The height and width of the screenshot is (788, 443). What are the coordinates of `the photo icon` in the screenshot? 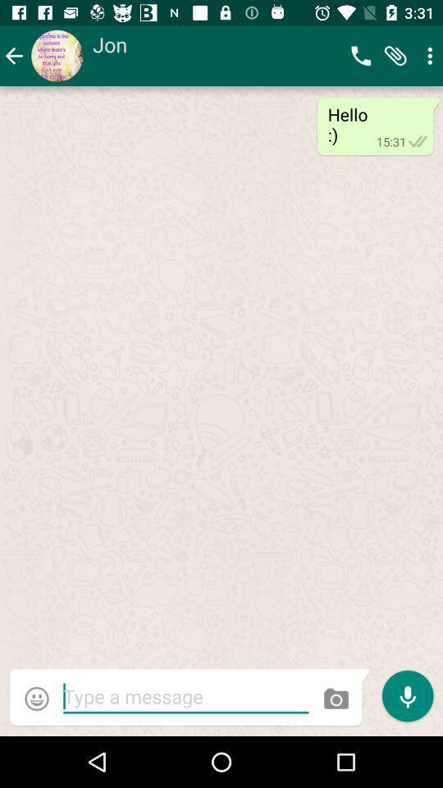 It's located at (335, 699).